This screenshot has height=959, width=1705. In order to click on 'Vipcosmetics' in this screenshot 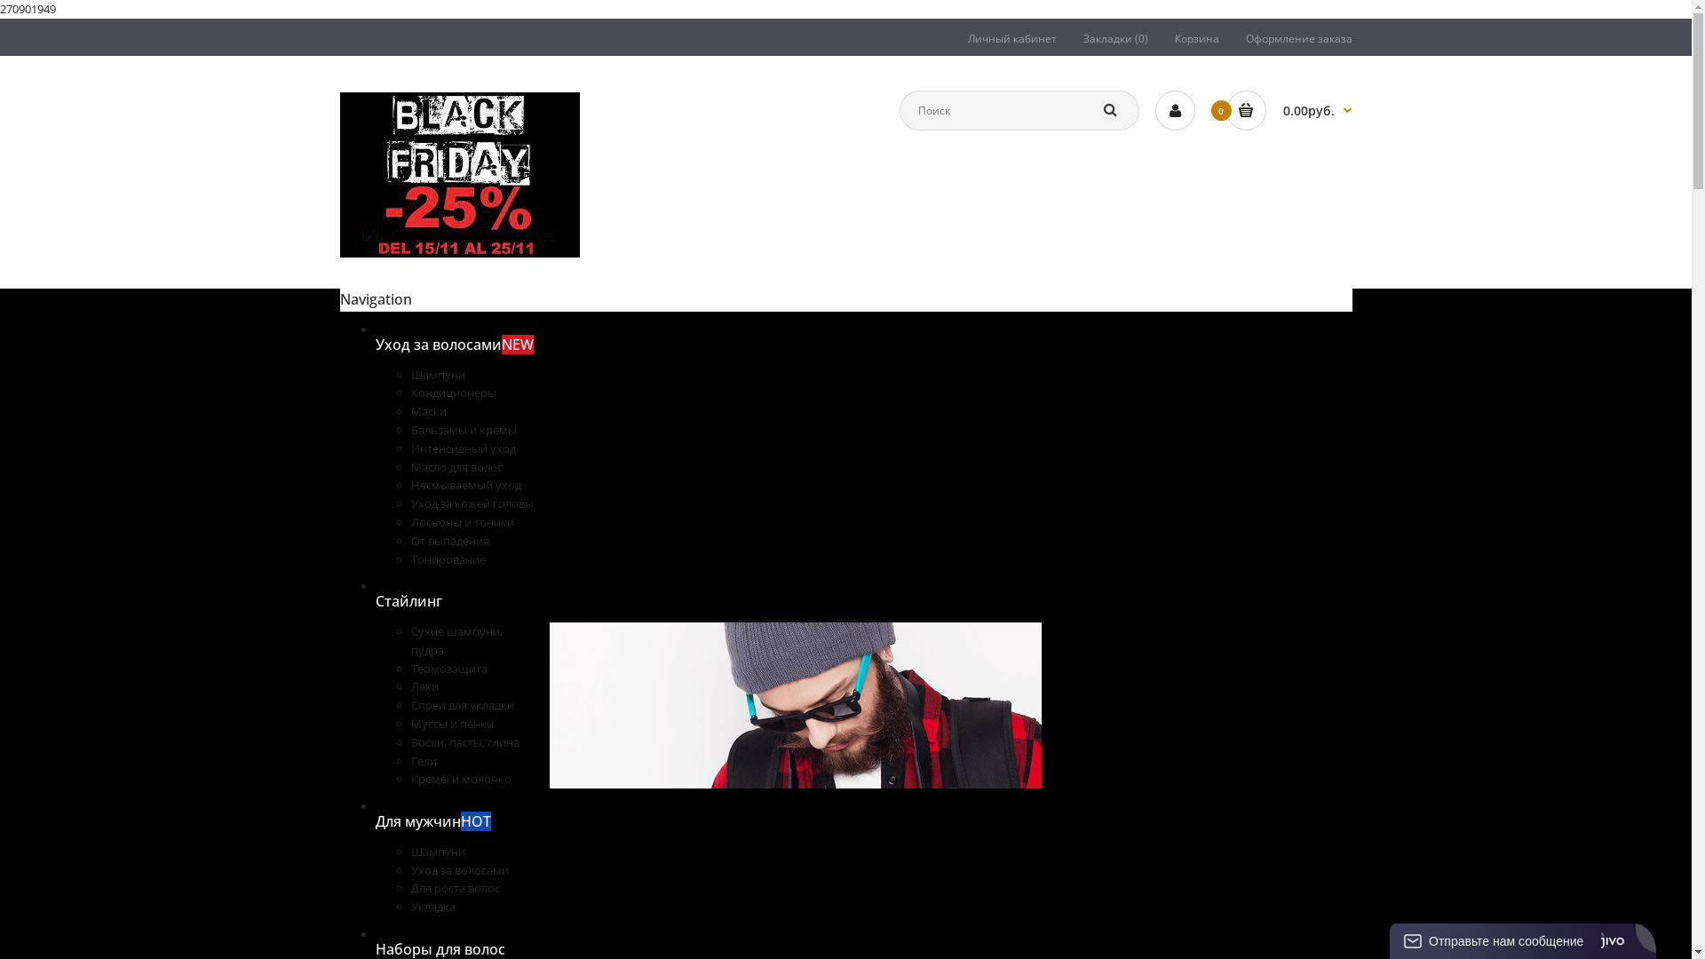, I will do `click(339, 174)`.